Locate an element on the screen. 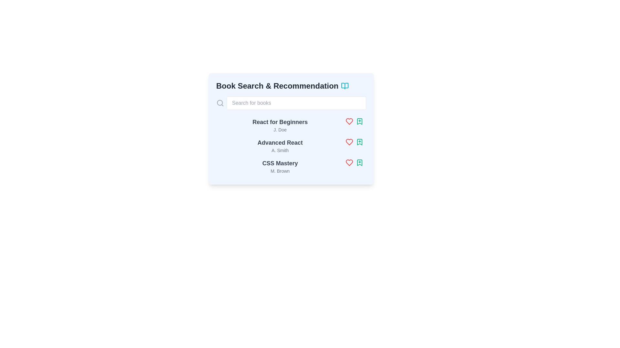  the small open book icon with cyan outlines located at the end of the 'Book Search & Recommendation' text in the interface header is located at coordinates (345, 85).